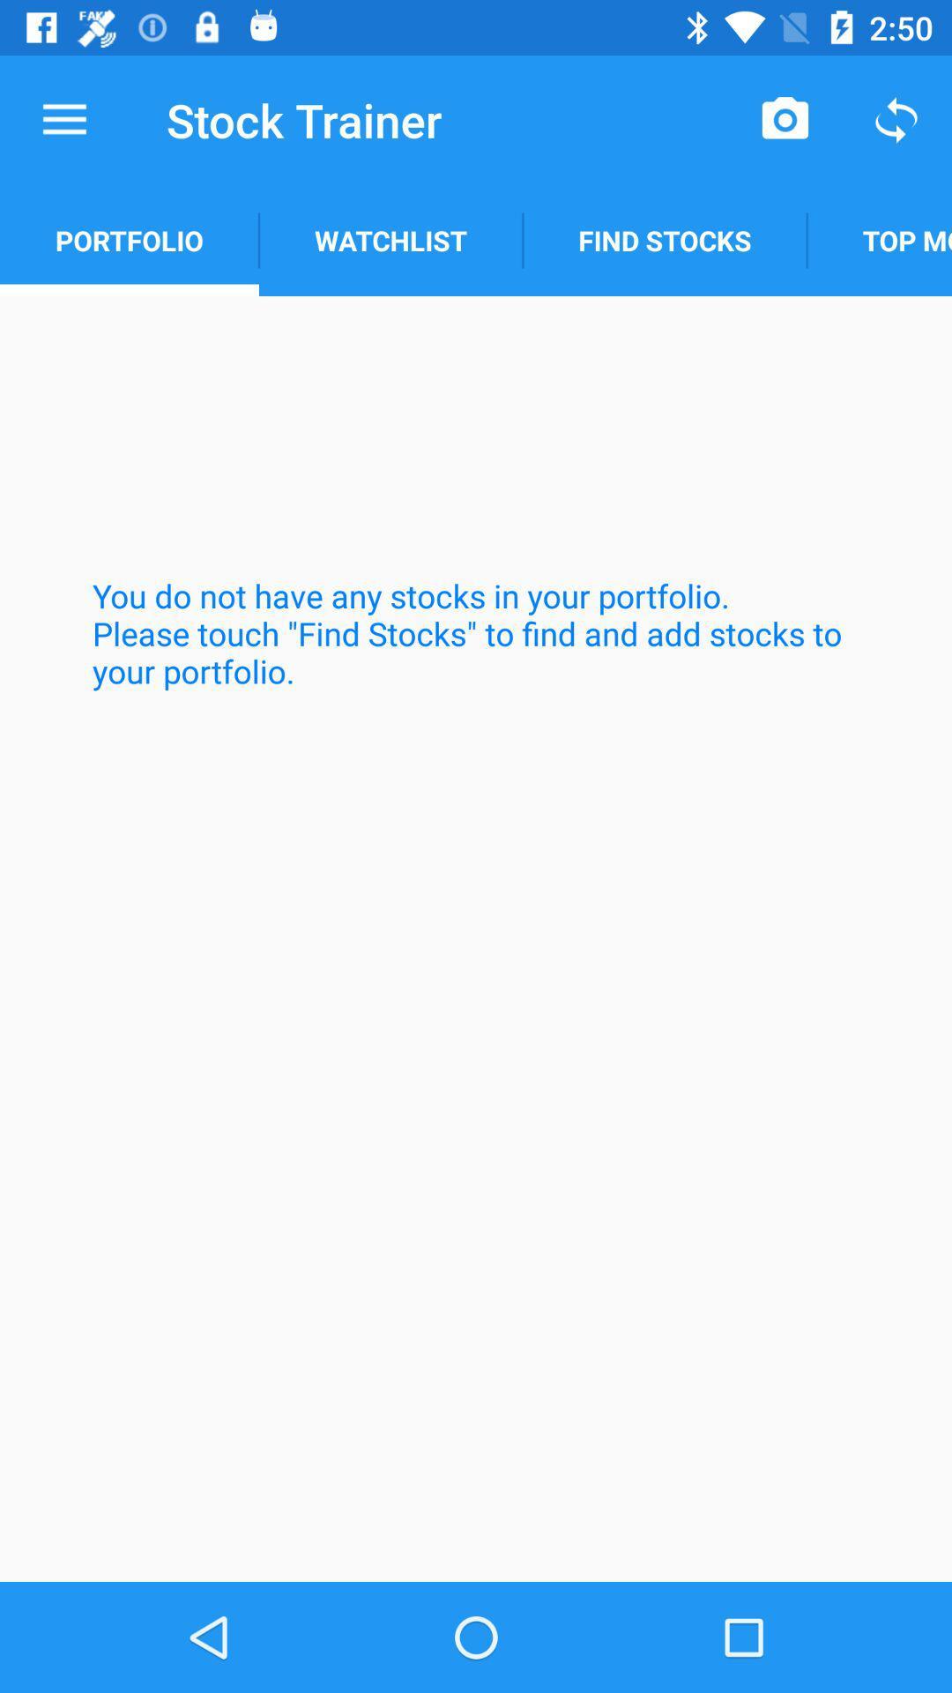  Describe the element at coordinates (390, 240) in the screenshot. I see `icon next to the portfolio app` at that location.